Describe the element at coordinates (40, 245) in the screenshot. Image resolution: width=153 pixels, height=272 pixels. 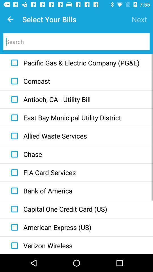
I see `the item below american express (us) icon` at that location.